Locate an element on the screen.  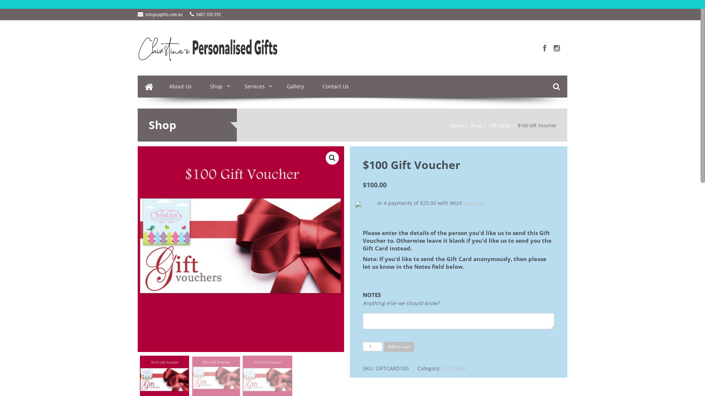
'Gift Cards' is located at coordinates (489, 125).